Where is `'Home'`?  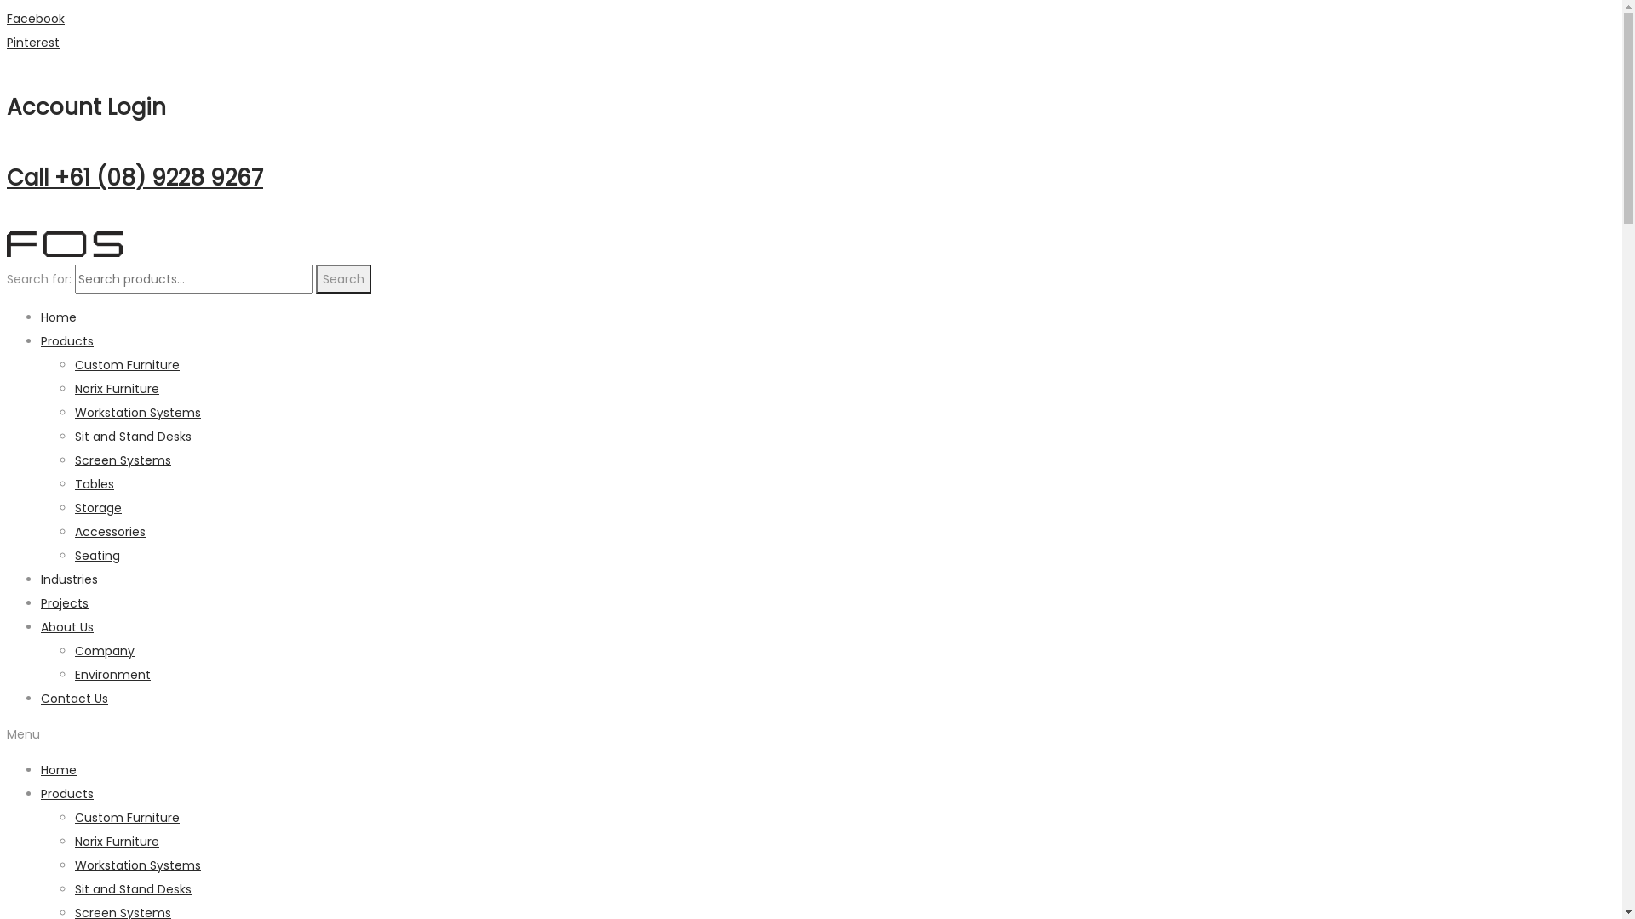 'Home' is located at coordinates (58, 317).